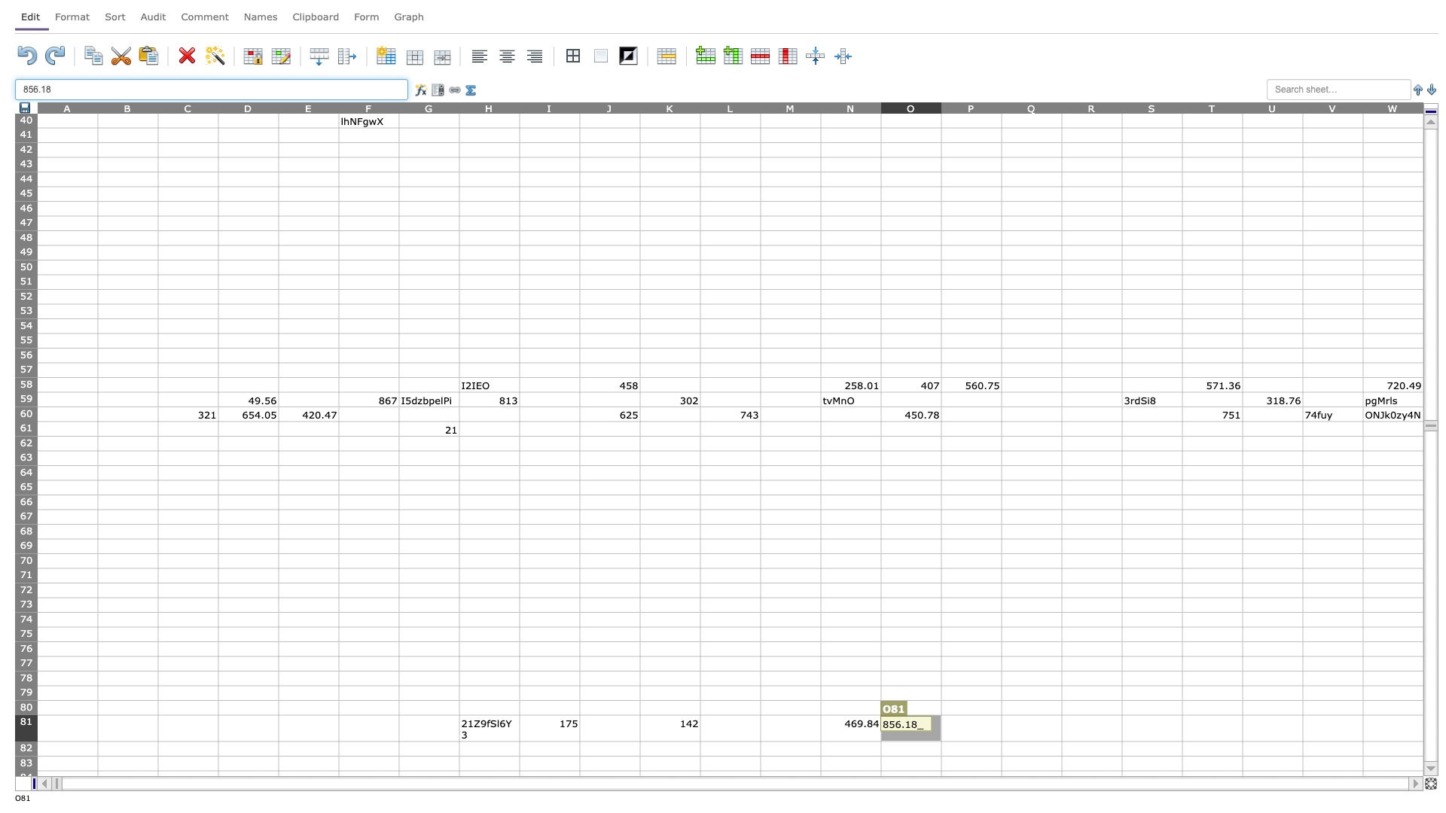  I want to click on right edge at column R row 81, so click(1121, 727).